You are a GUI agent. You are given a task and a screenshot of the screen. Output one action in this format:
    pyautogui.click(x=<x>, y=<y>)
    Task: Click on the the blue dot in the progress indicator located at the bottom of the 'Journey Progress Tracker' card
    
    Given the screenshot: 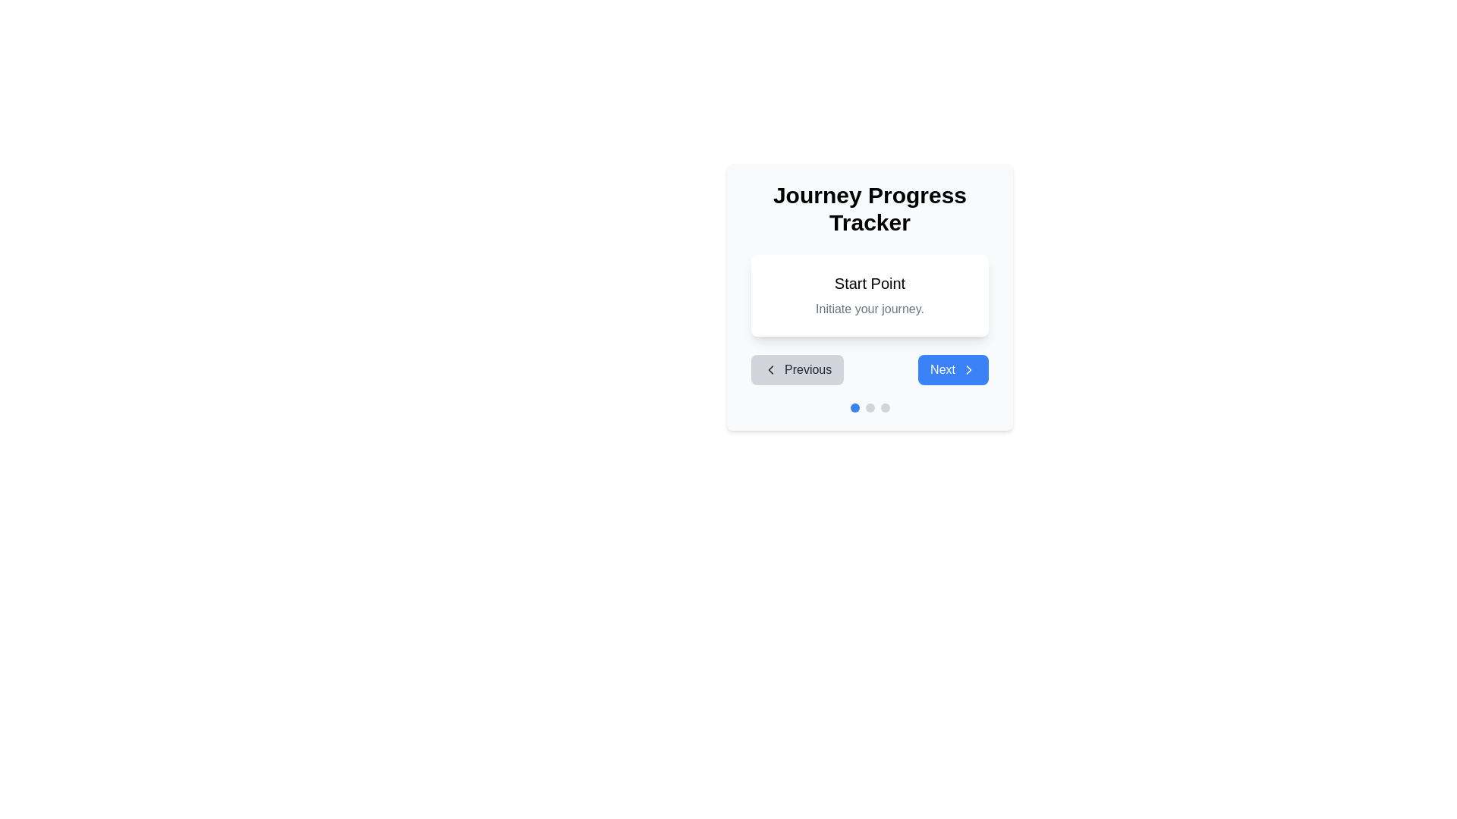 What is the action you would take?
    pyautogui.click(x=870, y=406)
    